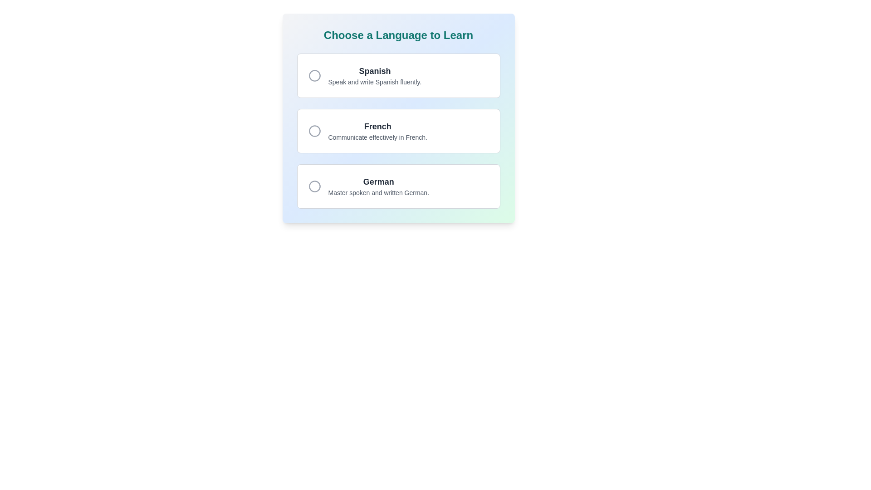 This screenshot has height=490, width=871. What do you see at coordinates (375, 71) in the screenshot?
I see `the 'Spanish' language label/header text that identifies the language option, positioned at the top of the list of language options` at bounding box center [375, 71].